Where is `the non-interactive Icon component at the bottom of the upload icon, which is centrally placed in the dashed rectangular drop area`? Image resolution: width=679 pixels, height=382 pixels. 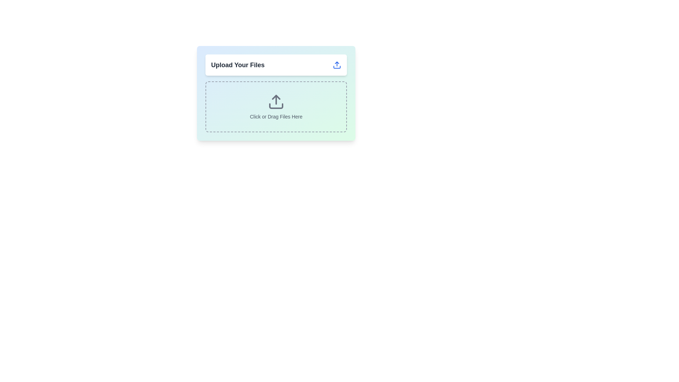
the non-interactive Icon component at the bottom of the upload icon, which is centrally placed in the dashed rectangular drop area is located at coordinates (276, 106).